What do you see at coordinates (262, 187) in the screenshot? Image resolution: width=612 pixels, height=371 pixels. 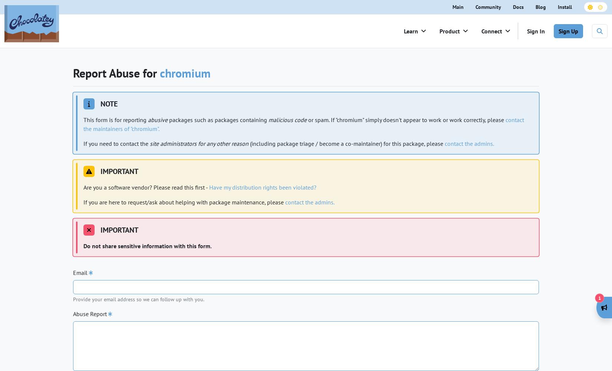 I see `'Have my distribution rights been violated?'` at bounding box center [262, 187].